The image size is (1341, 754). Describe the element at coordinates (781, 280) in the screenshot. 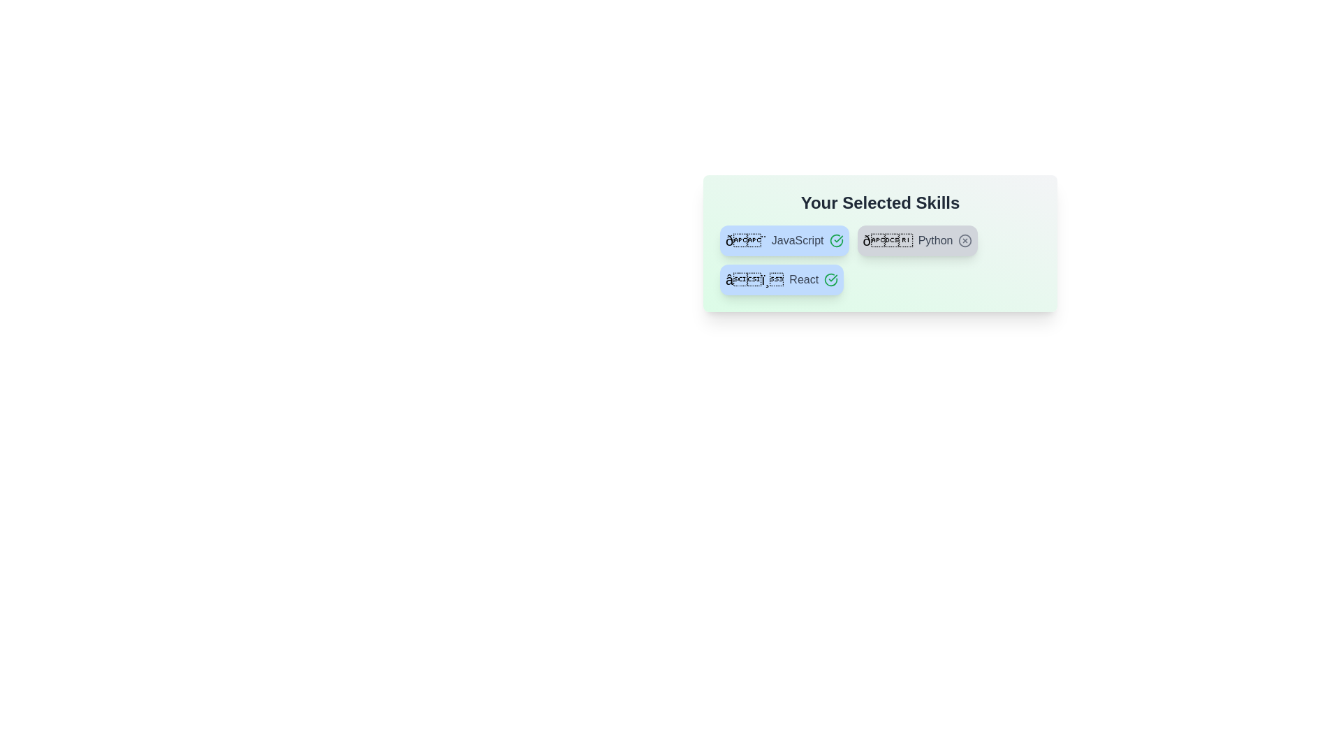

I see `the skill chip labeled React` at that location.